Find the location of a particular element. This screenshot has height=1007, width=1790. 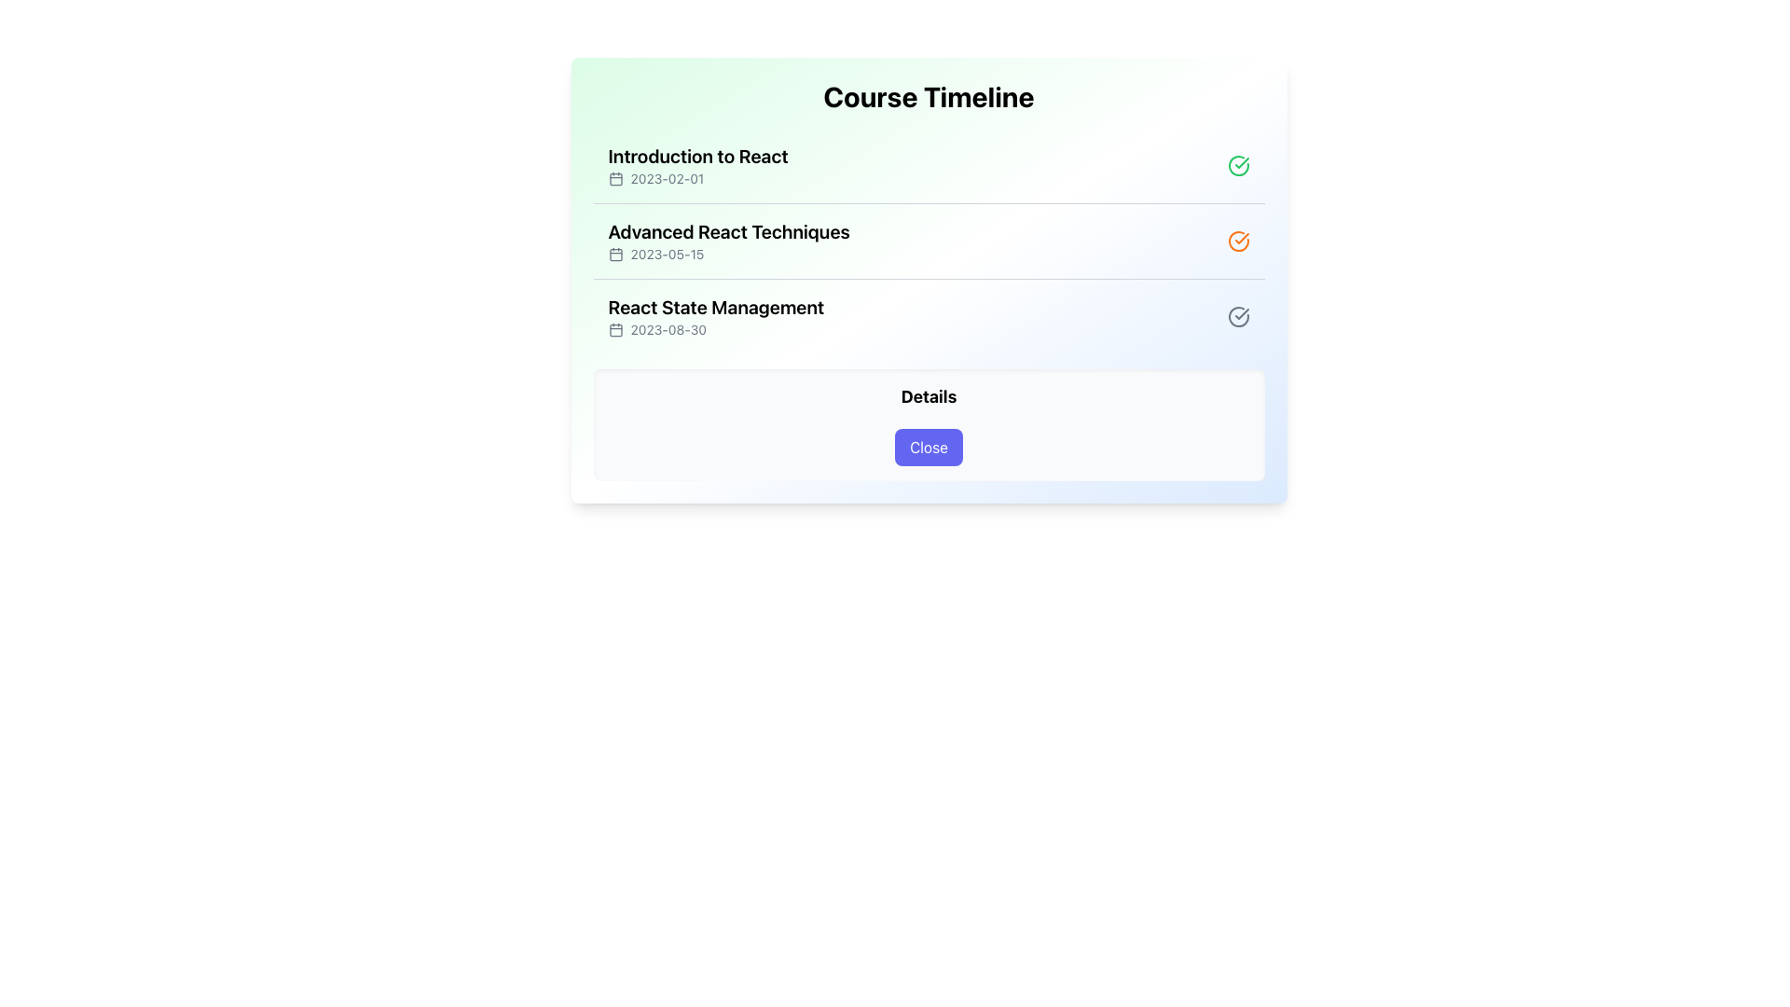

the list item titled 'React State Management' with the date '2023-08-30' is located at coordinates (715, 315).